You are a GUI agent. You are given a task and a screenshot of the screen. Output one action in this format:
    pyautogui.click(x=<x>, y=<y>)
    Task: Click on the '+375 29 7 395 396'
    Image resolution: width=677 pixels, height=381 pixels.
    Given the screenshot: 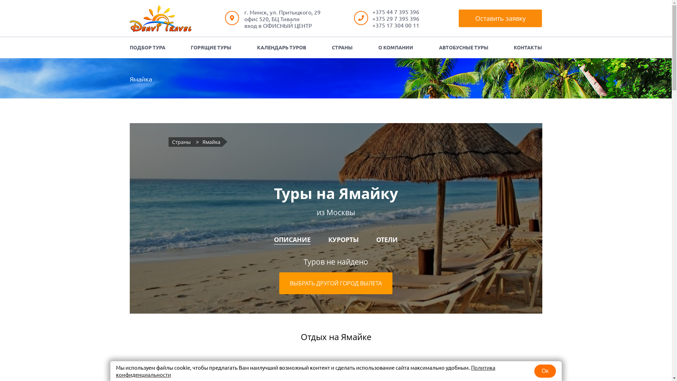 What is the action you would take?
    pyautogui.click(x=396, y=18)
    